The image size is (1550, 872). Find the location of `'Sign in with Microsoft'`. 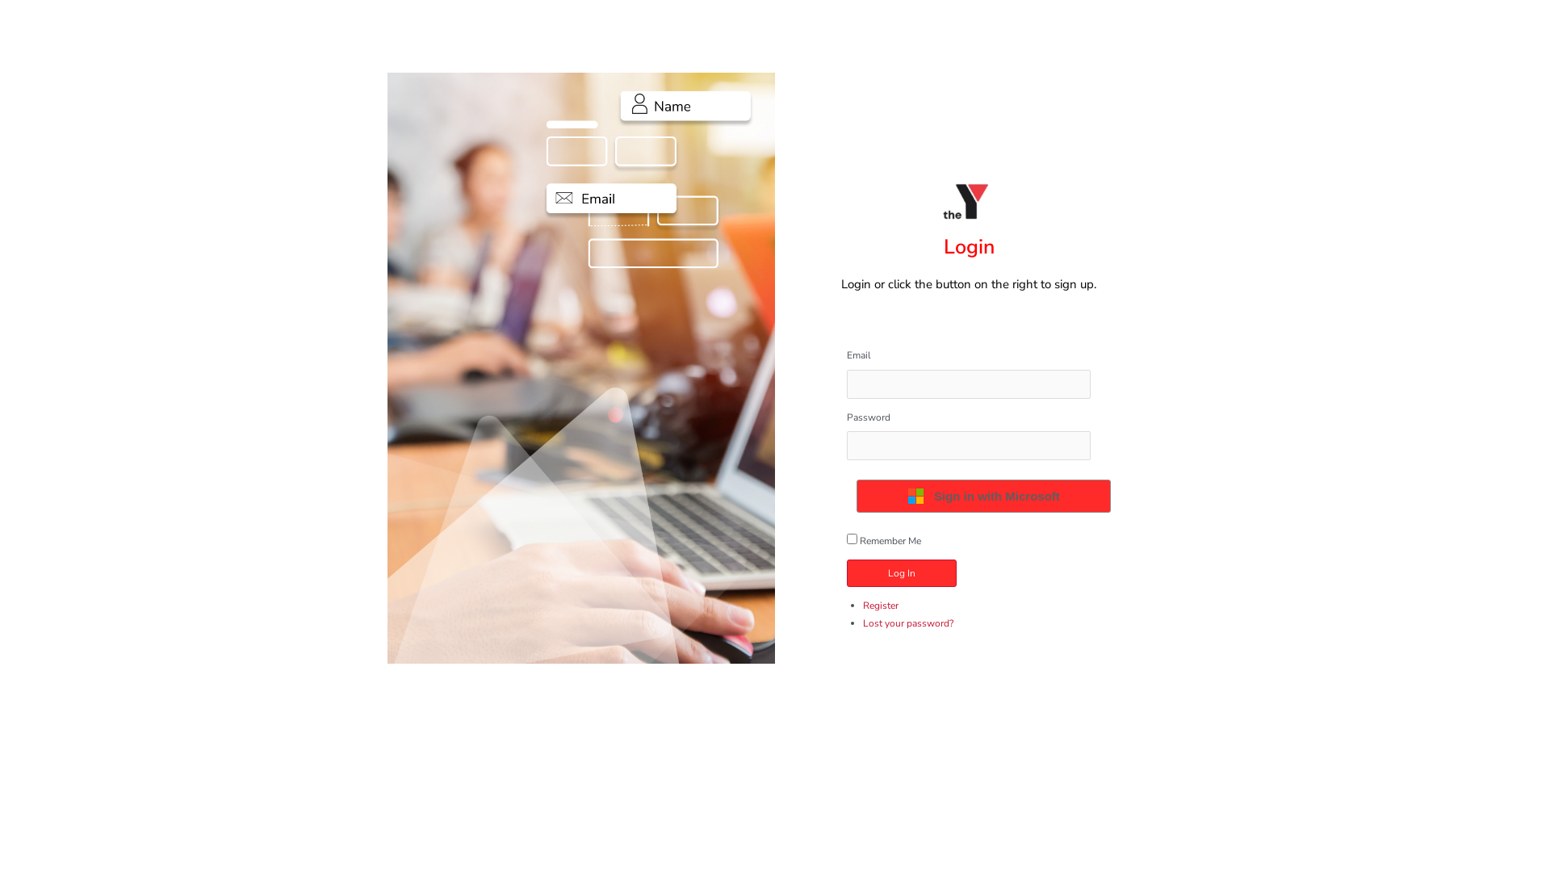

'Sign in with Microsoft' is located at coordinates (855, 495).